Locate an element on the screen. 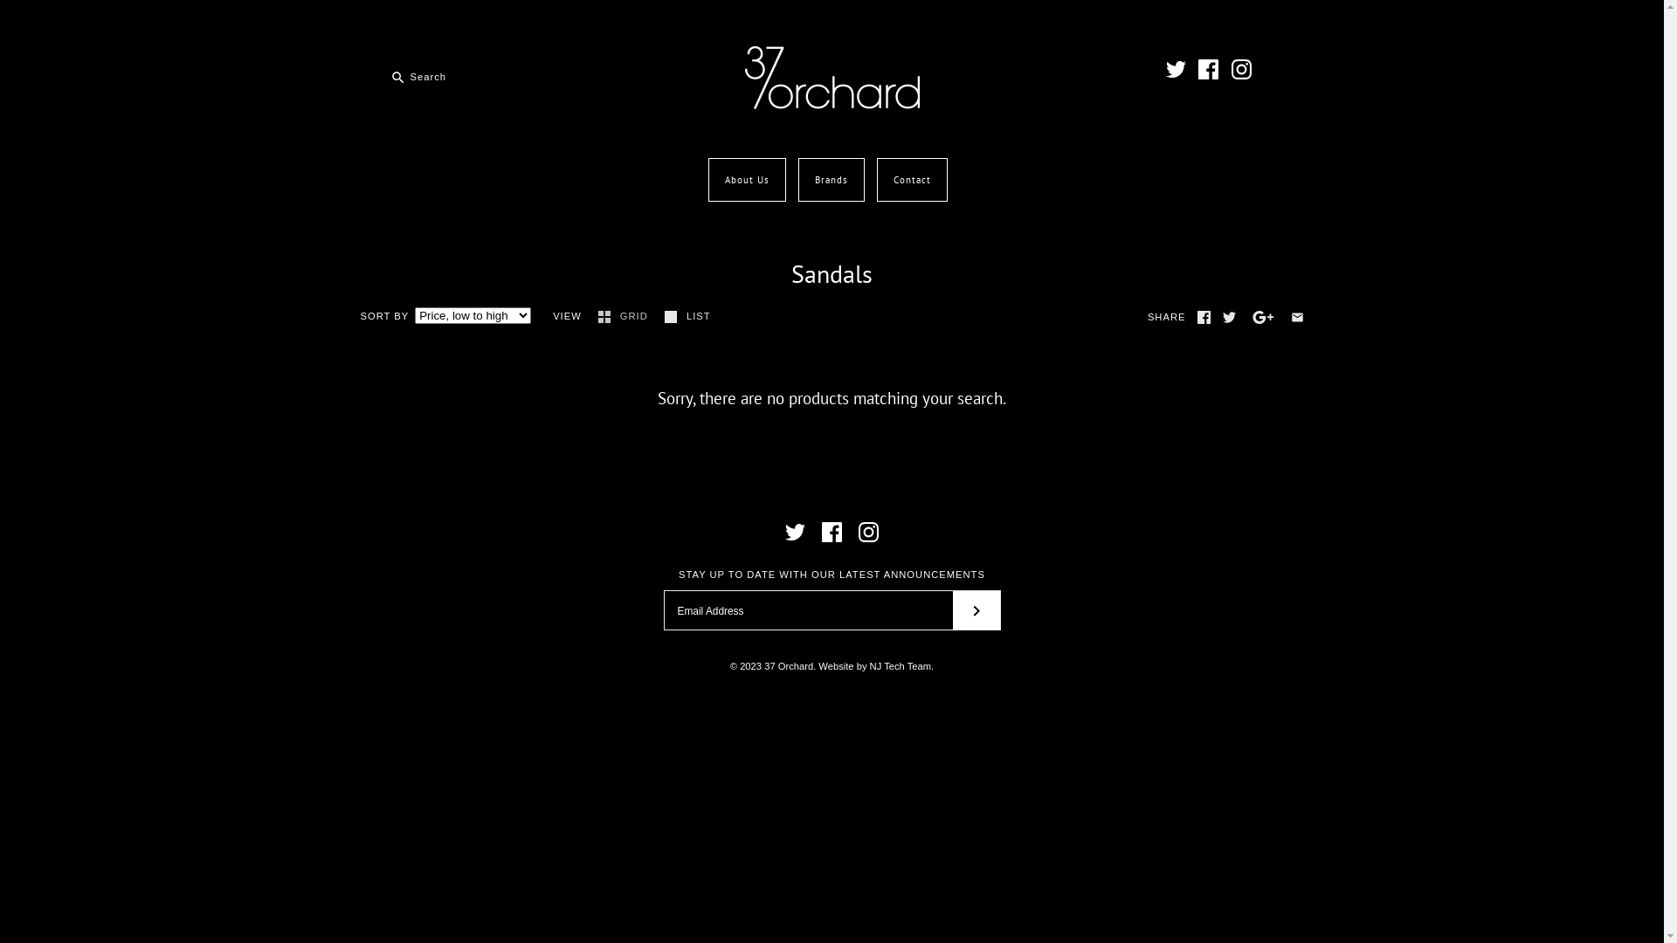  'Twitter' is located at coordinates (1222, 317).